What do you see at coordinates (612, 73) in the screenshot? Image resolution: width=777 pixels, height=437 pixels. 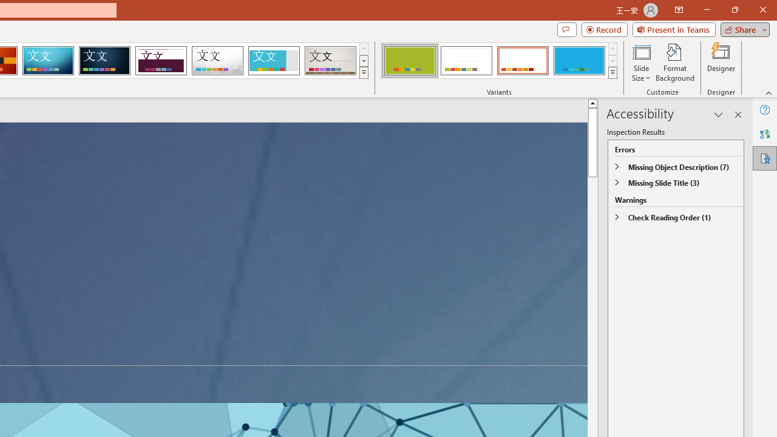 I see `'Variants'` at bounding box center [612, 73].